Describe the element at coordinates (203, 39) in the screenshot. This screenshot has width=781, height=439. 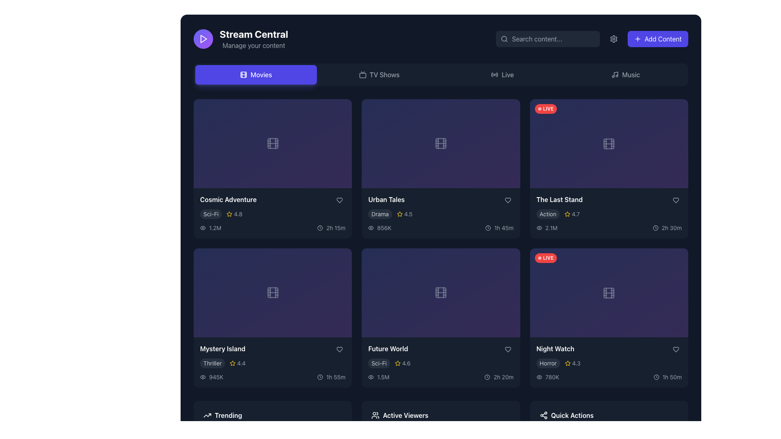
I see `the circular gradient-colored play icon located to the left of the 'Stream Central' text in the header` at that location.